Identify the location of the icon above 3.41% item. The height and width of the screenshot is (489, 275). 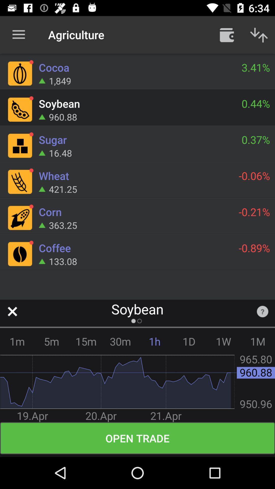
(227, 34).